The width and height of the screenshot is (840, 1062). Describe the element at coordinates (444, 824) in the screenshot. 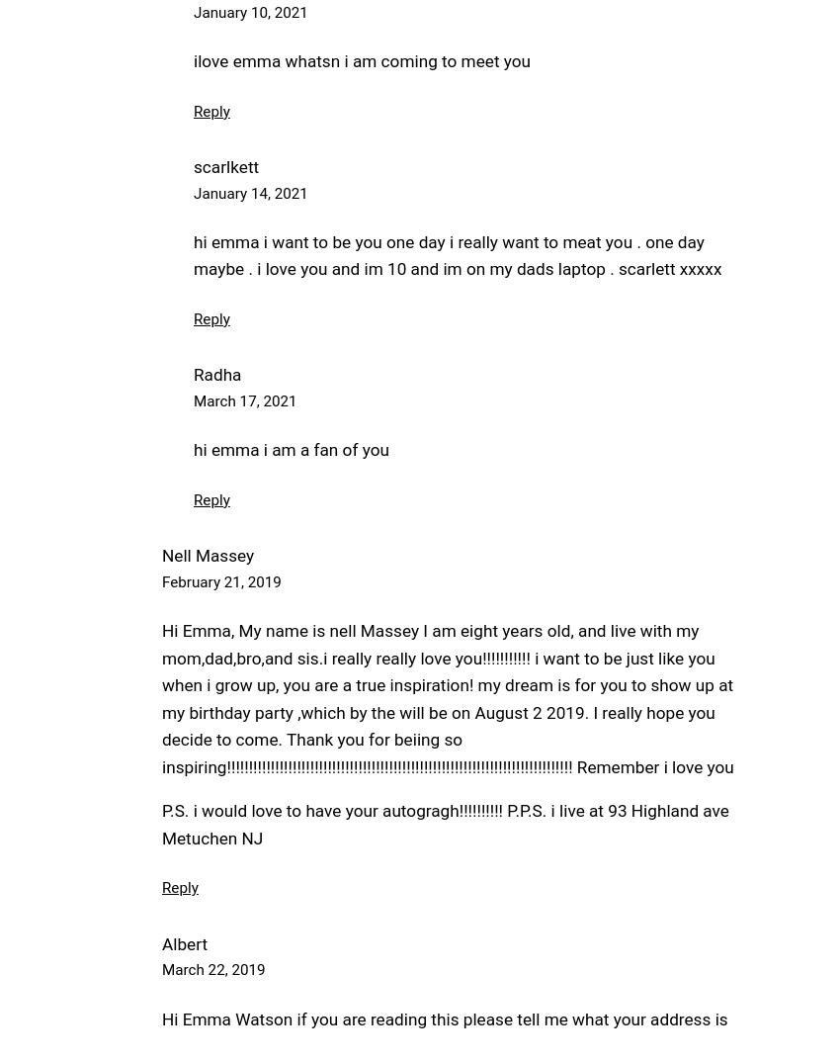

I see `'P.S. i would love to have your autogragh!!!!!!!!!!    P.P.S. i live at 93 Highland ave Metuchen NJ'` at that location.